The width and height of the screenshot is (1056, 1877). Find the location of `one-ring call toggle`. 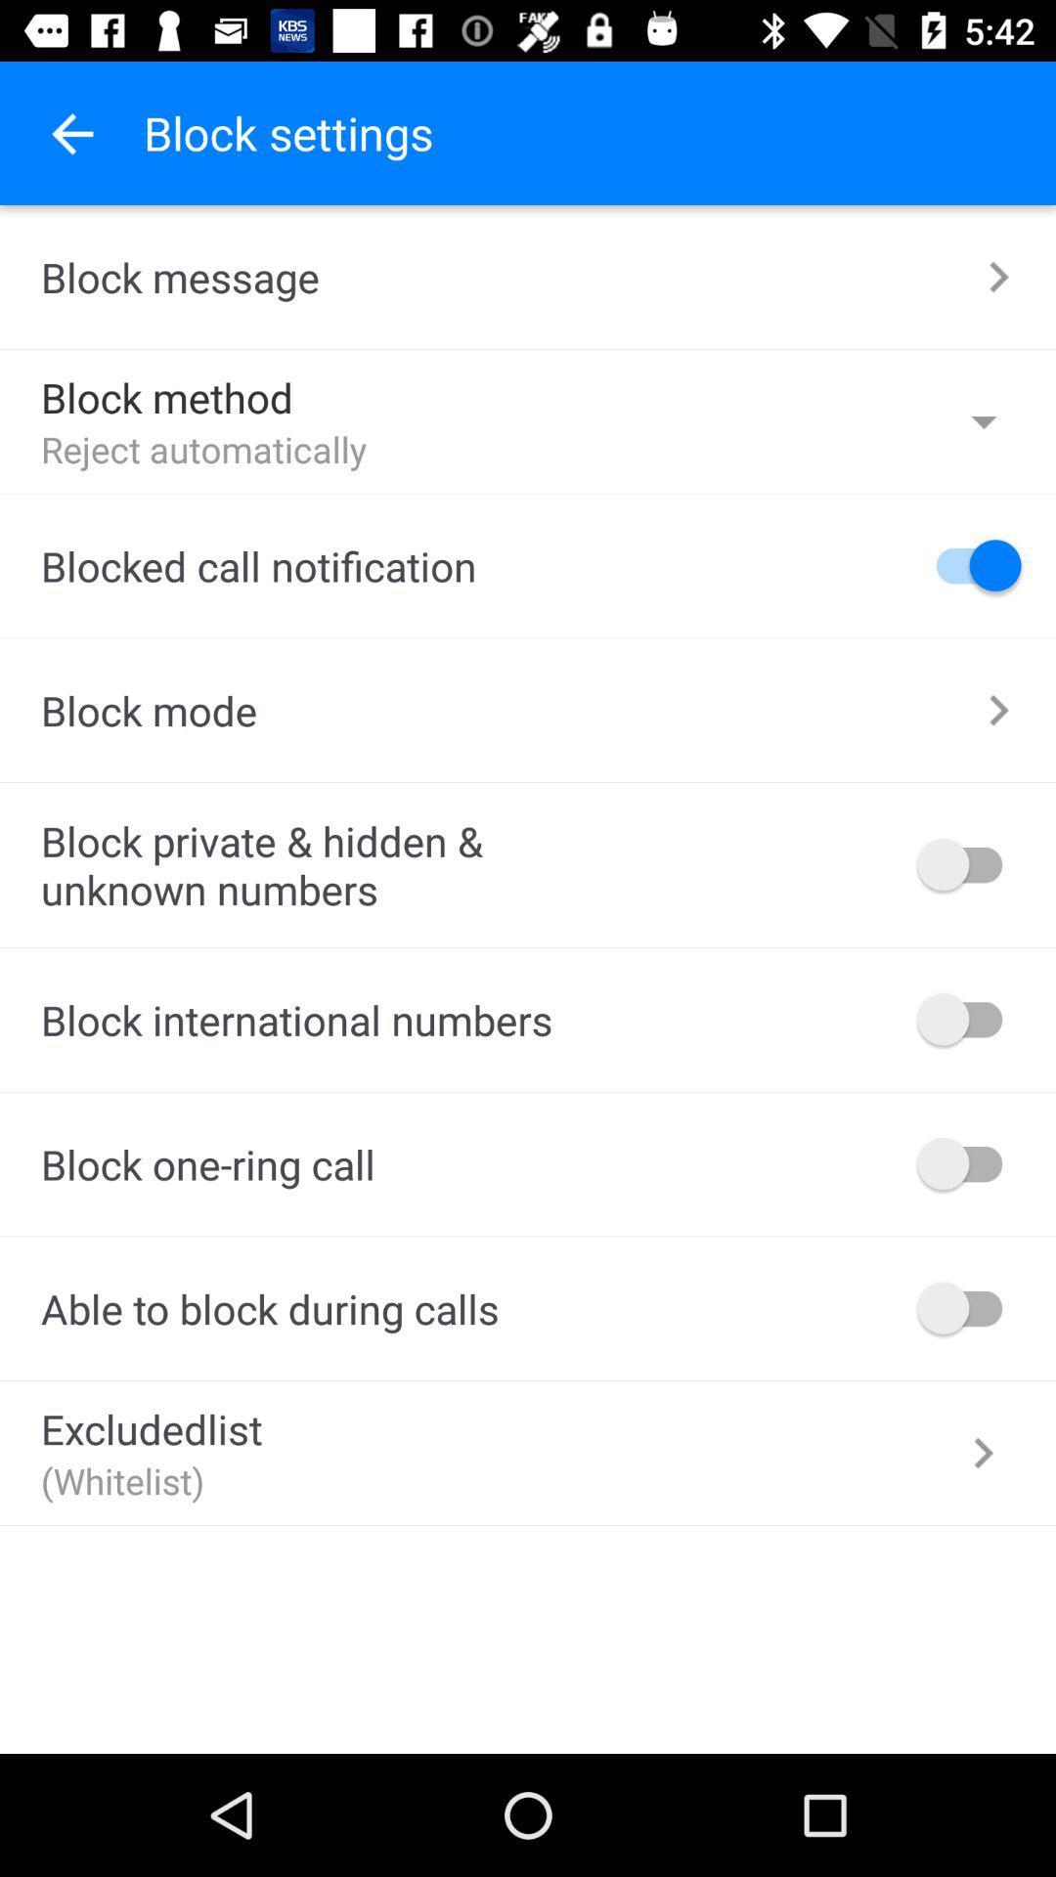

one-ring call toggle is located at coordinates (969, 1163).